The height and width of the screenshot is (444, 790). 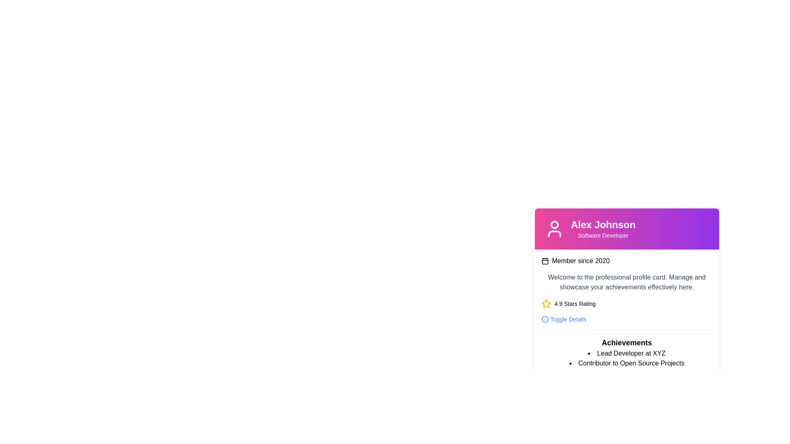 What do you see at coordinates (626, 229) in the screenshot?
I see `the Text Display element that shows the name 'Alex Johnson' in bold and the role 'Software Developer' below it, located near the top of the card header with a pink to purple gradient background` at bounding box center [626, 229].